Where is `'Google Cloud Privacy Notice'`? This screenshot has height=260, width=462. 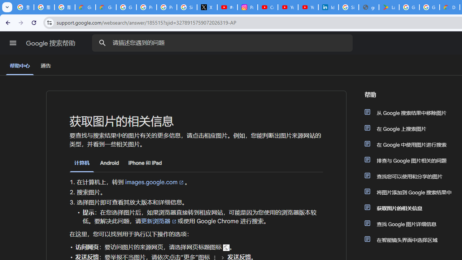 'Google Cloud Privacy Notice' is located at coordinates (105, 7).